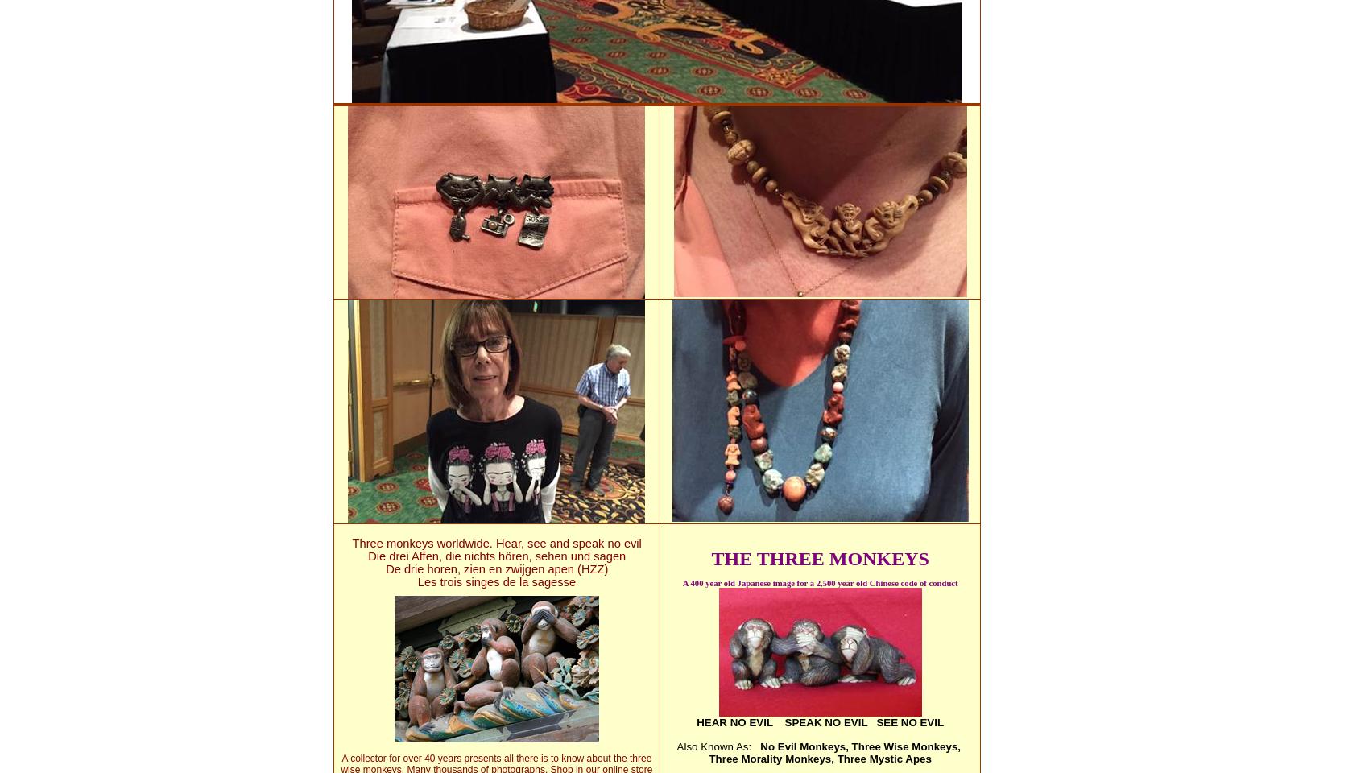 Image resolution: width=1369 pixels, height=773 pixels. Describe the element at coordinates (819, 721) in the screenshot. I see `'Hear no
  evil    speak no evil   see no evil'` at that location.